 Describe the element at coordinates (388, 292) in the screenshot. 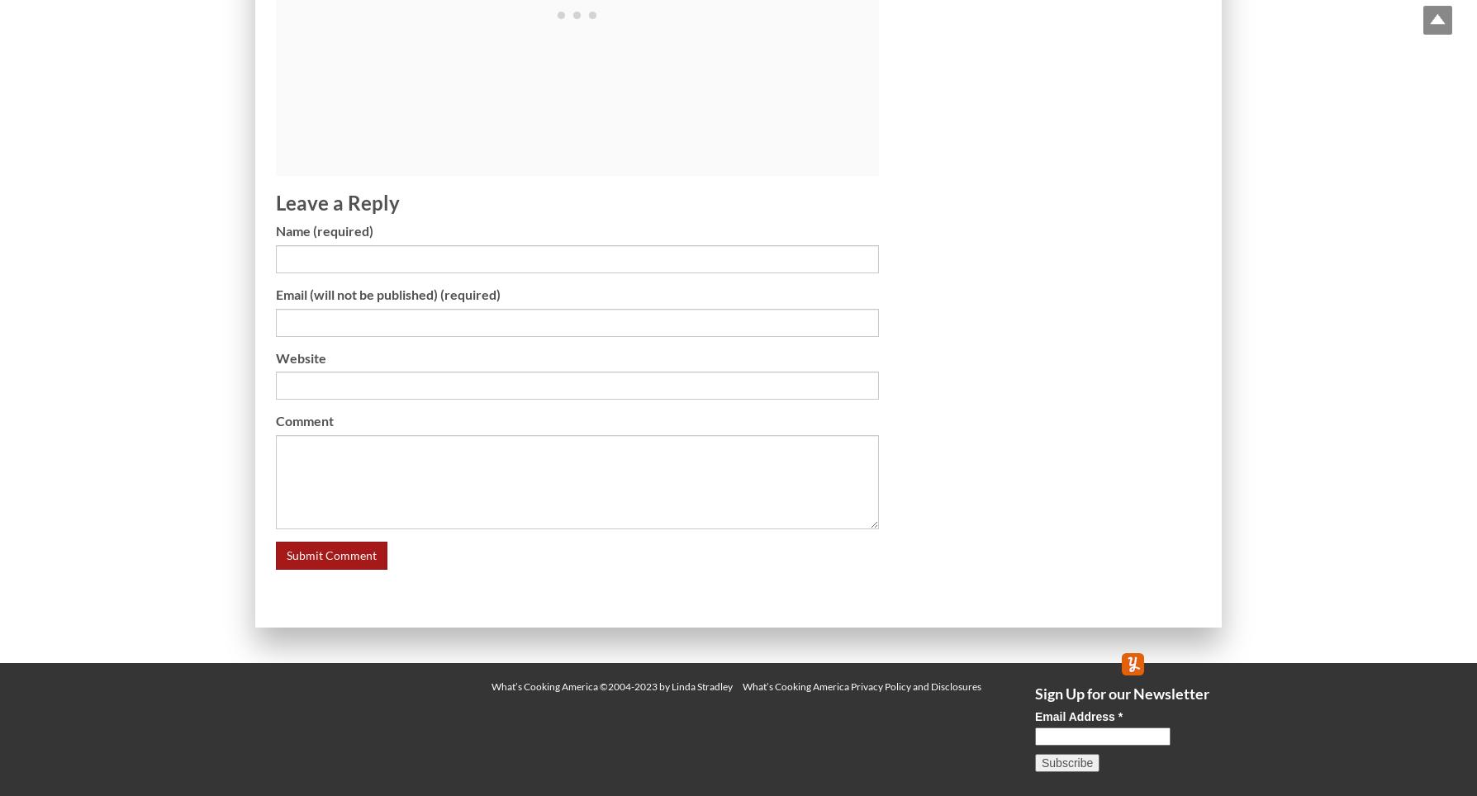

I see `'Email (will not be published) (required)'` at that location.